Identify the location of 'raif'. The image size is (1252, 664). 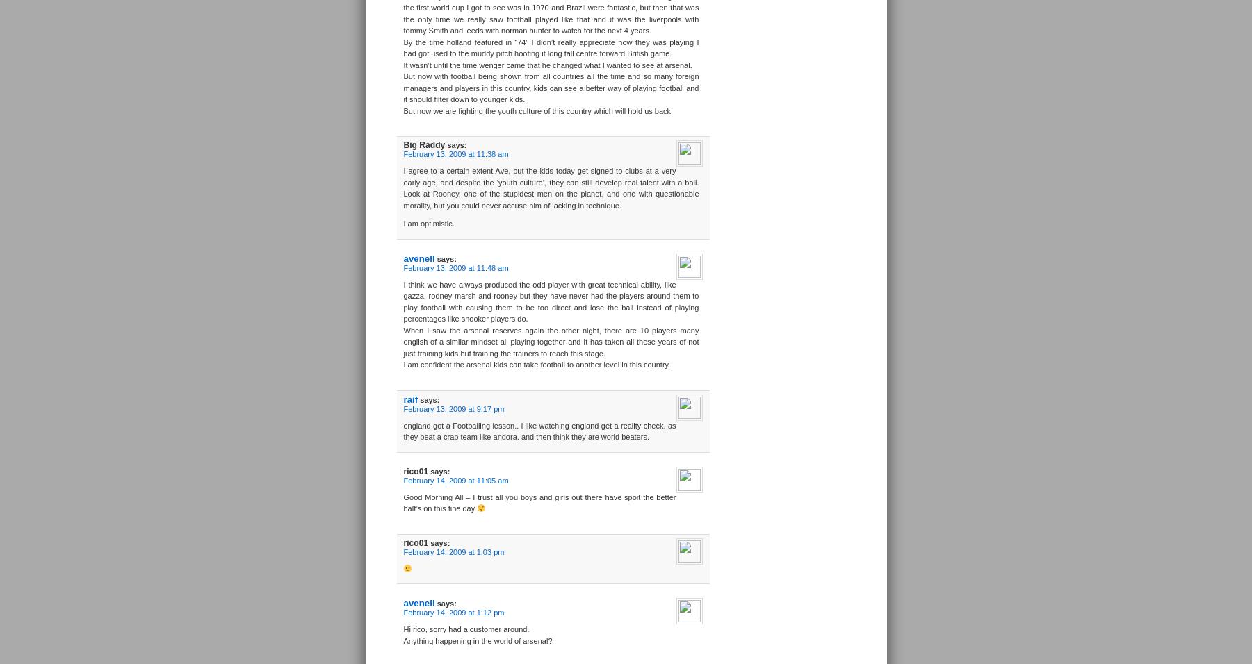
(410, 398).